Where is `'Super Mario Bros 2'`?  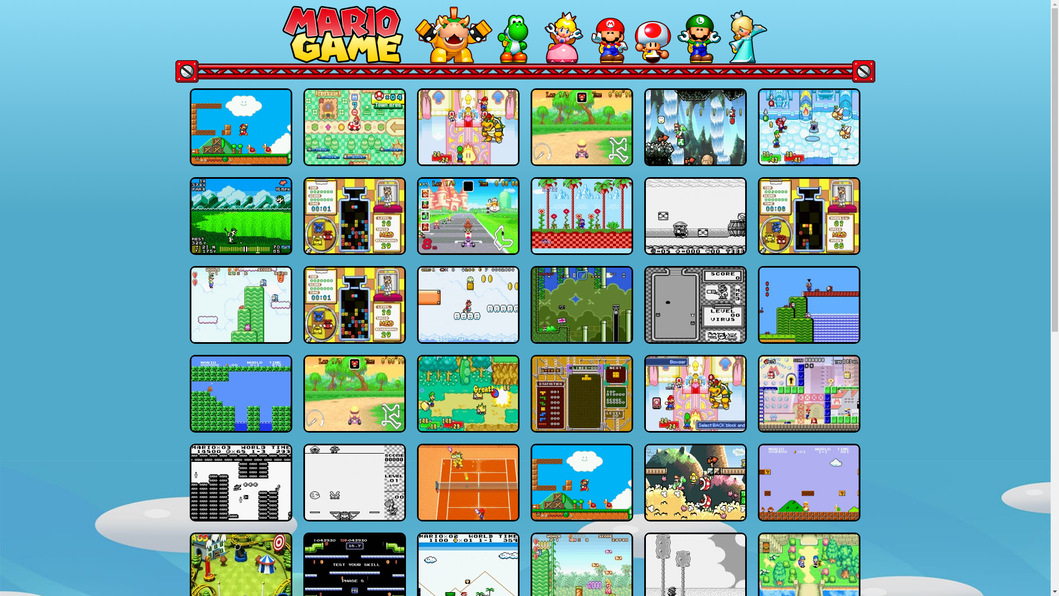 'Super Mario Bros 2' is located at coordinates (809, 304).